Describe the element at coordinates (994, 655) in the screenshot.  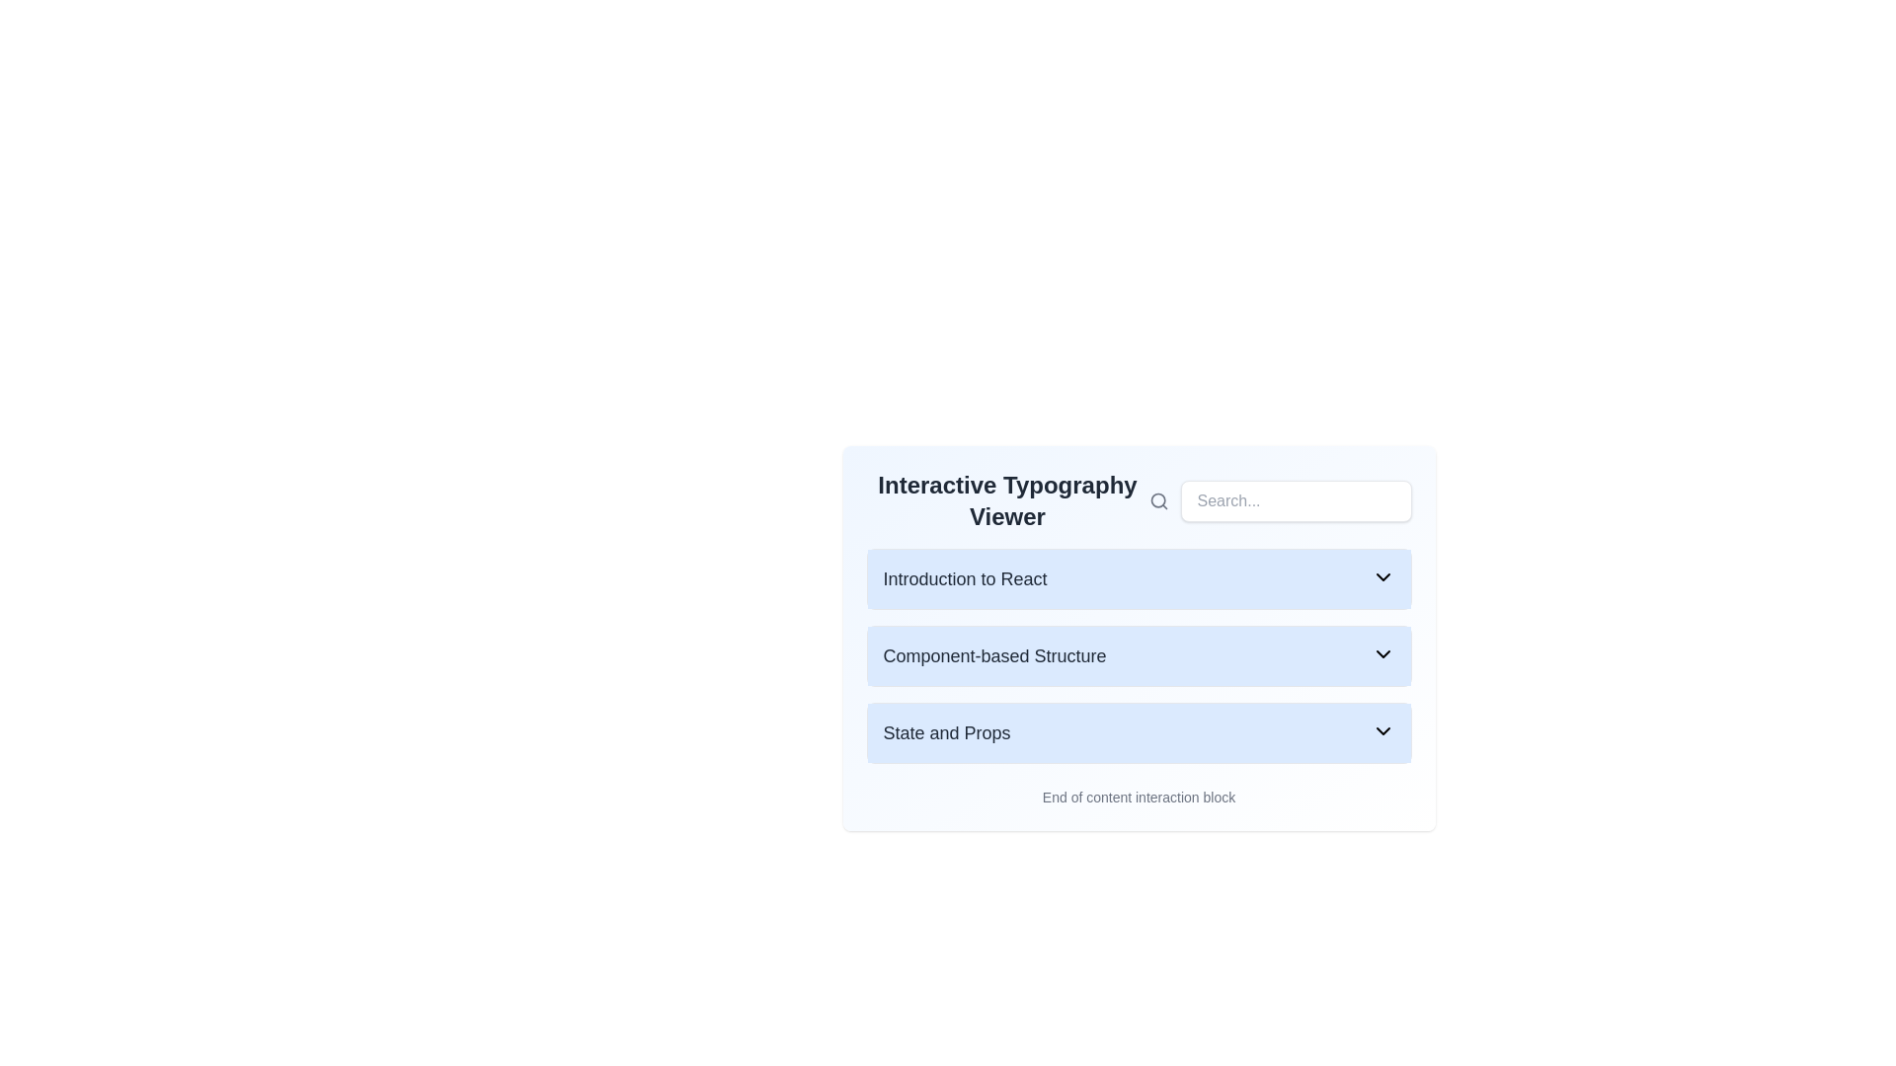
I see `the textual label displaying 'Component-based Structure', which is a large, bold, dark gray font on a light blue background, positioned within a vertically stacked menu` at that location.